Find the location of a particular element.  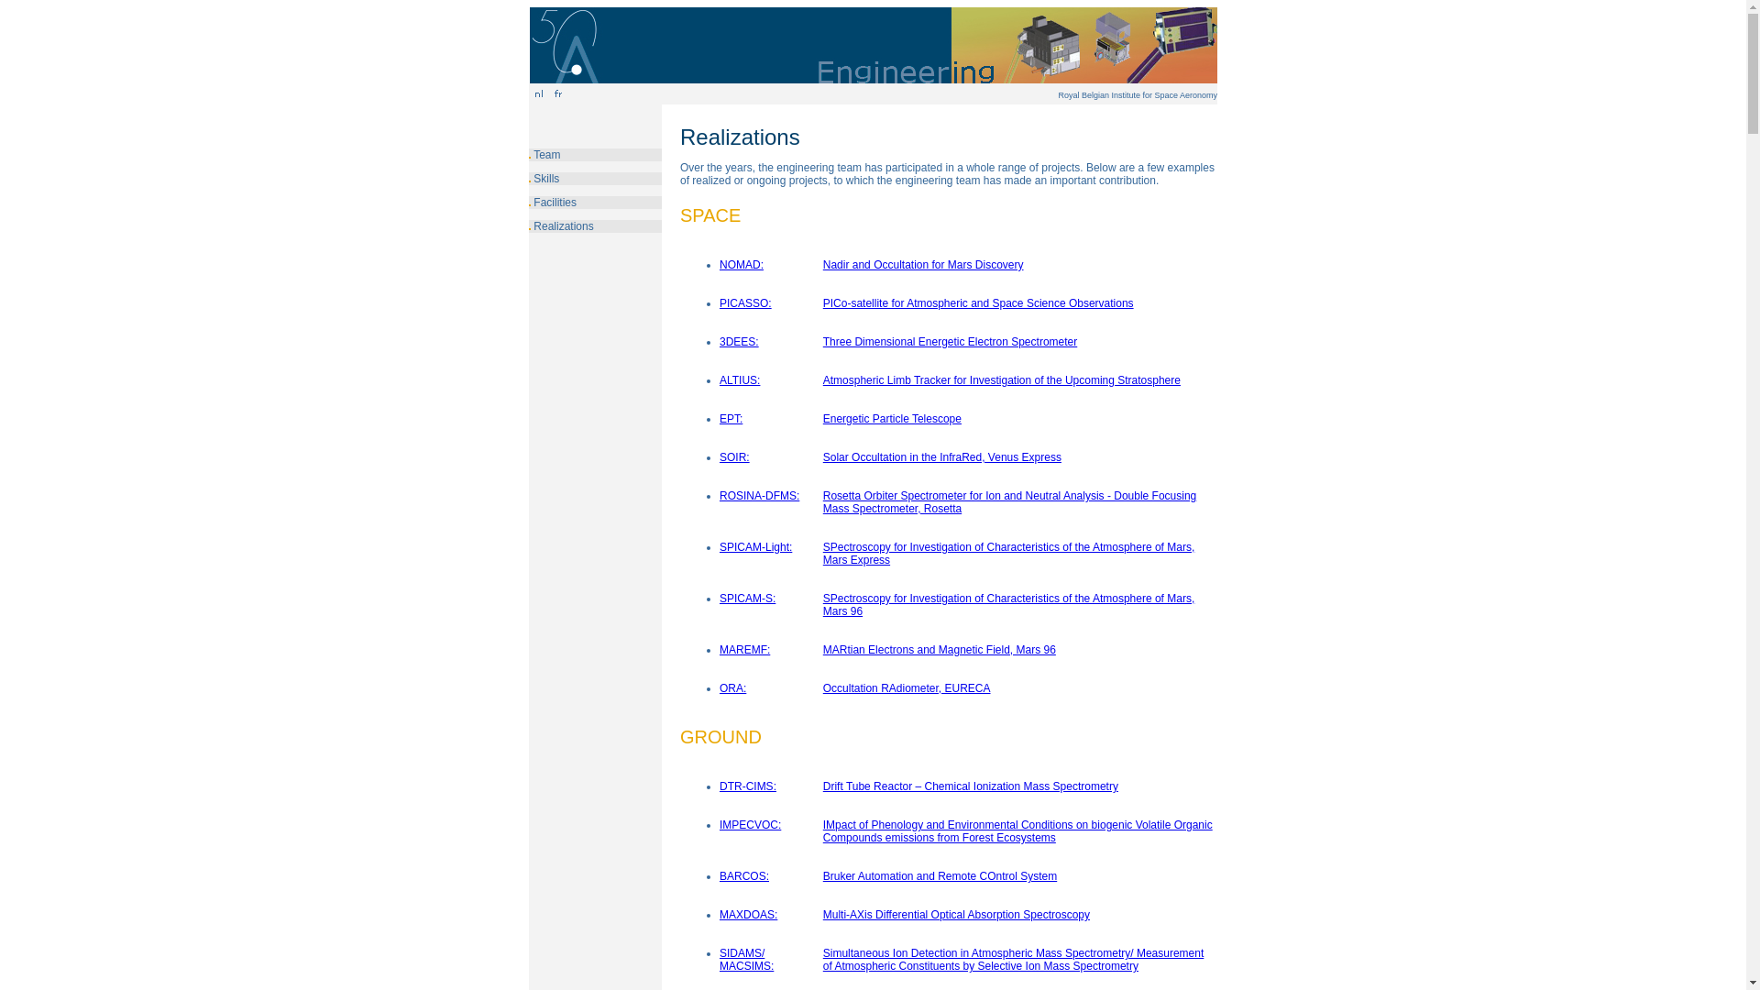

'SPICAM-S:' is located at coordinates (747, 598).